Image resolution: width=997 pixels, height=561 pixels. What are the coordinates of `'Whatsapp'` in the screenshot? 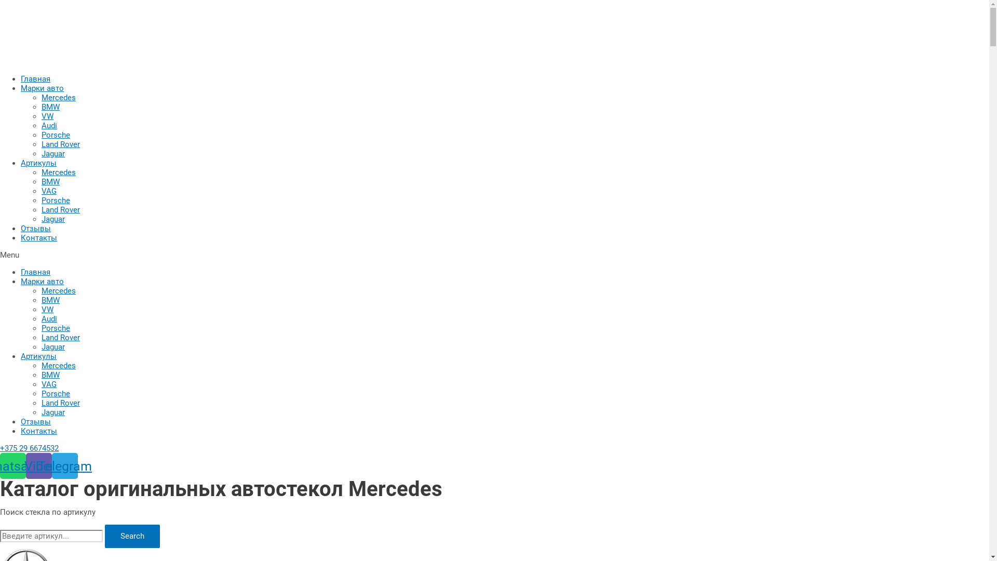 It's located at (12, 465).